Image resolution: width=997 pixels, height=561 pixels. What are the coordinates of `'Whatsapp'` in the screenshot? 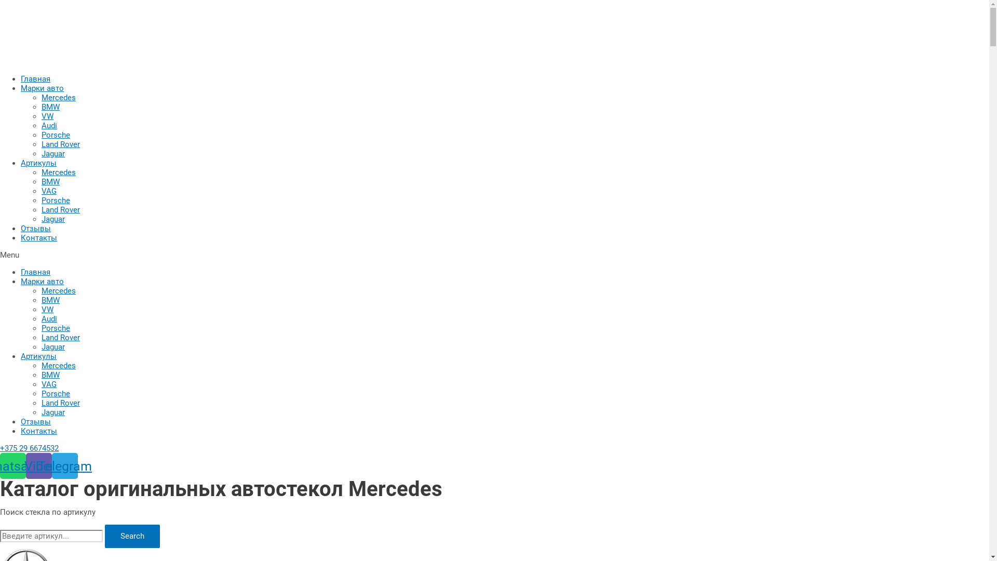 It's located at (12, 465).